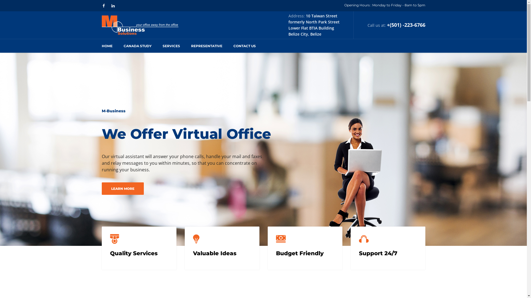  What do you see at coordinates (137, 46) in the screenshot?
I see `'CANADA STUDY'` at bounding box center [137, 46].